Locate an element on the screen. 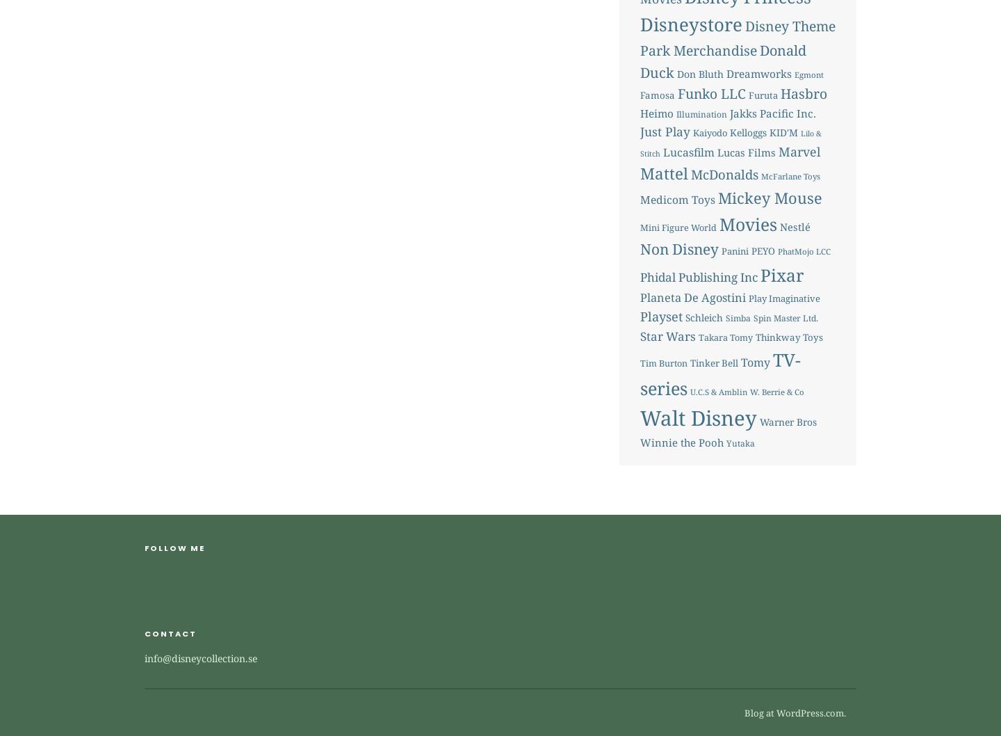 The width and height of the screenshot is (1001, 736). 'TV-series' is located at coordinates (640, 374).